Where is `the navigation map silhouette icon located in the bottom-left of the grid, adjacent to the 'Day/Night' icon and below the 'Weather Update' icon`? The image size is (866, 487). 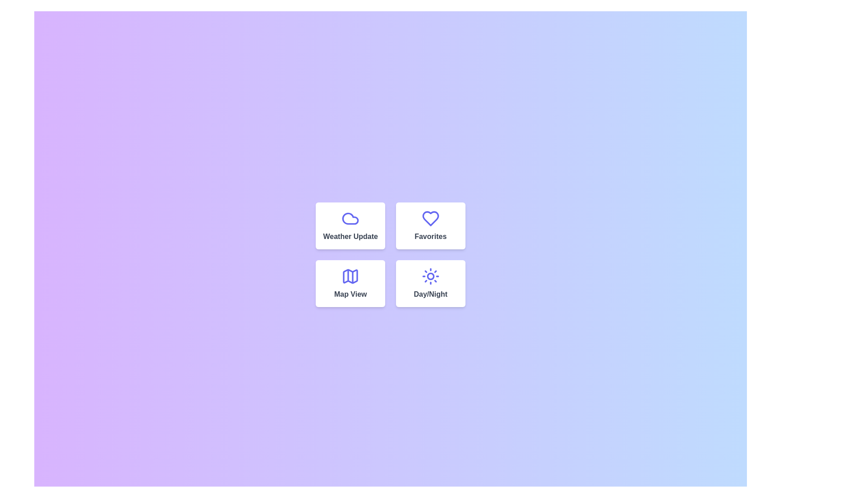
the navigation map silhouette icon located in the bottom-left of the grid, adjacent to the 'Day/Night' icon and below the 'Weather Update' icon is located at coordinates (350, 276).